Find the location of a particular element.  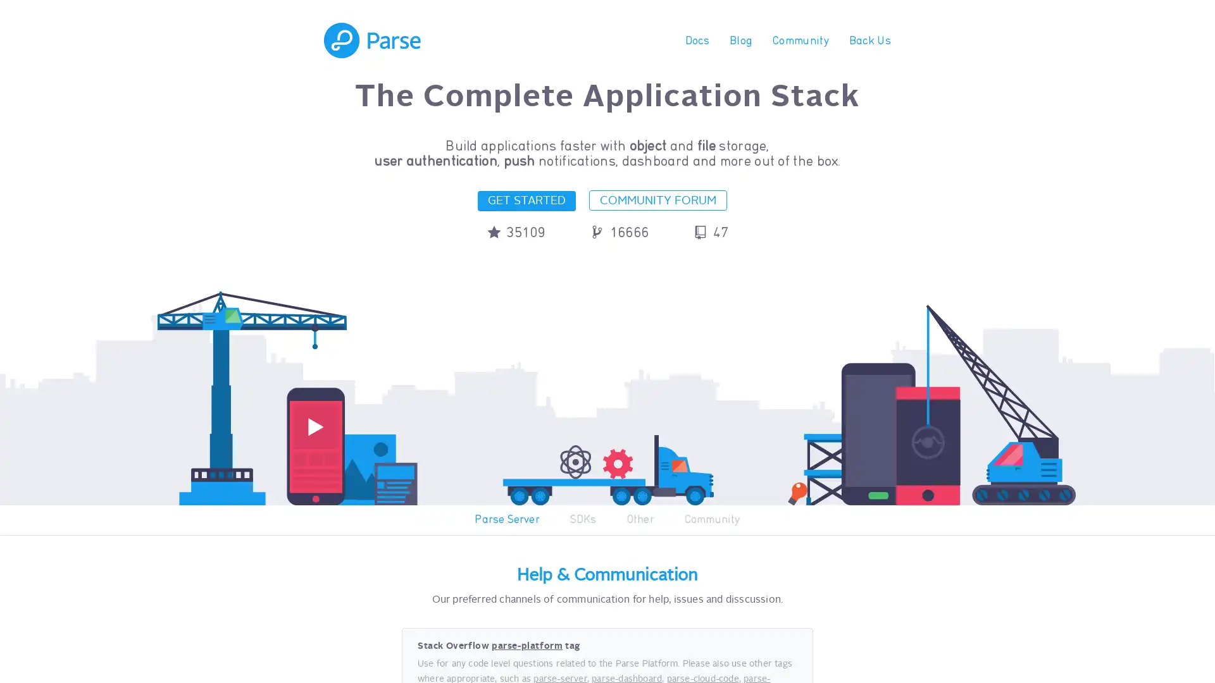

GET STARTED is located at coordinates (526, 200).